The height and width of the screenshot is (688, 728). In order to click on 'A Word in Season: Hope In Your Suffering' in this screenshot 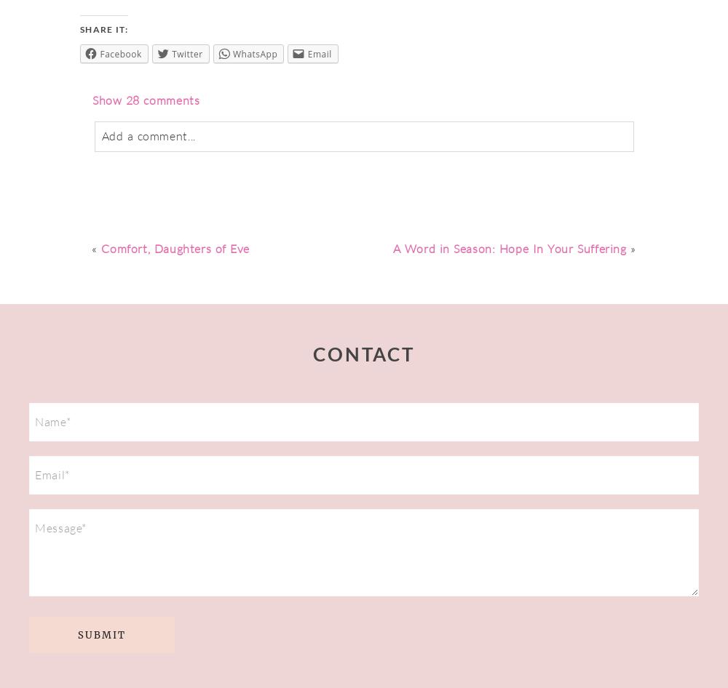, I will do `click(508, 248)`.